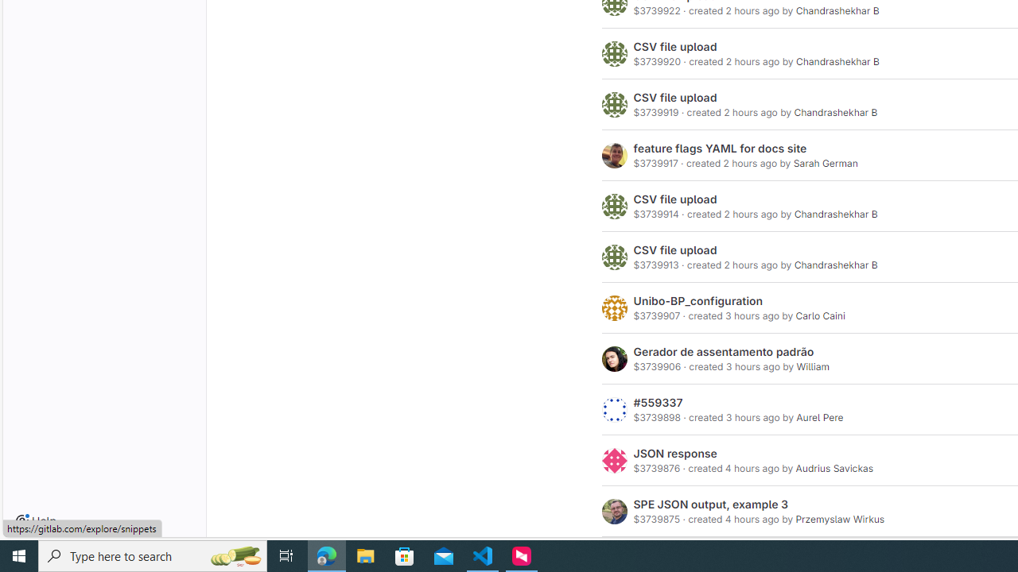 The width and height of the screenshot is (1018, 572). I want to click on 'Aurel Pere', so click(820, 416).